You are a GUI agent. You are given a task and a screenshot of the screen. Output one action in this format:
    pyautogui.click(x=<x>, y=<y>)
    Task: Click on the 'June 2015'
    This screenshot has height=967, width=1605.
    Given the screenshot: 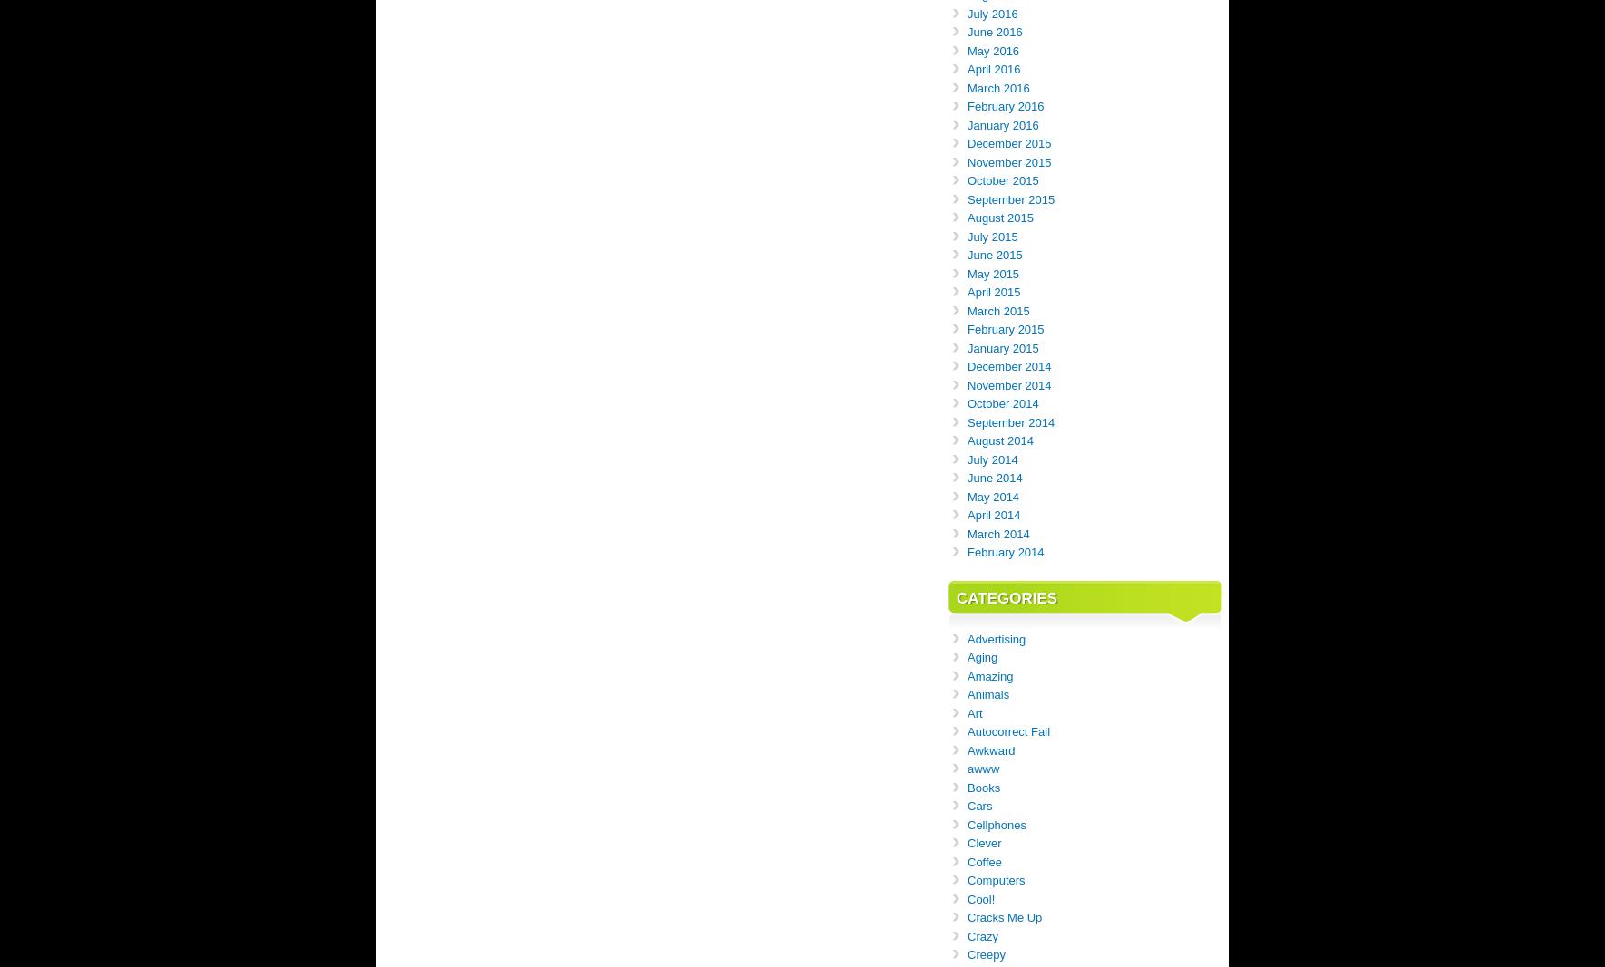 What is the action you would take?
    pyautogui.click(x=995, y=255)
    